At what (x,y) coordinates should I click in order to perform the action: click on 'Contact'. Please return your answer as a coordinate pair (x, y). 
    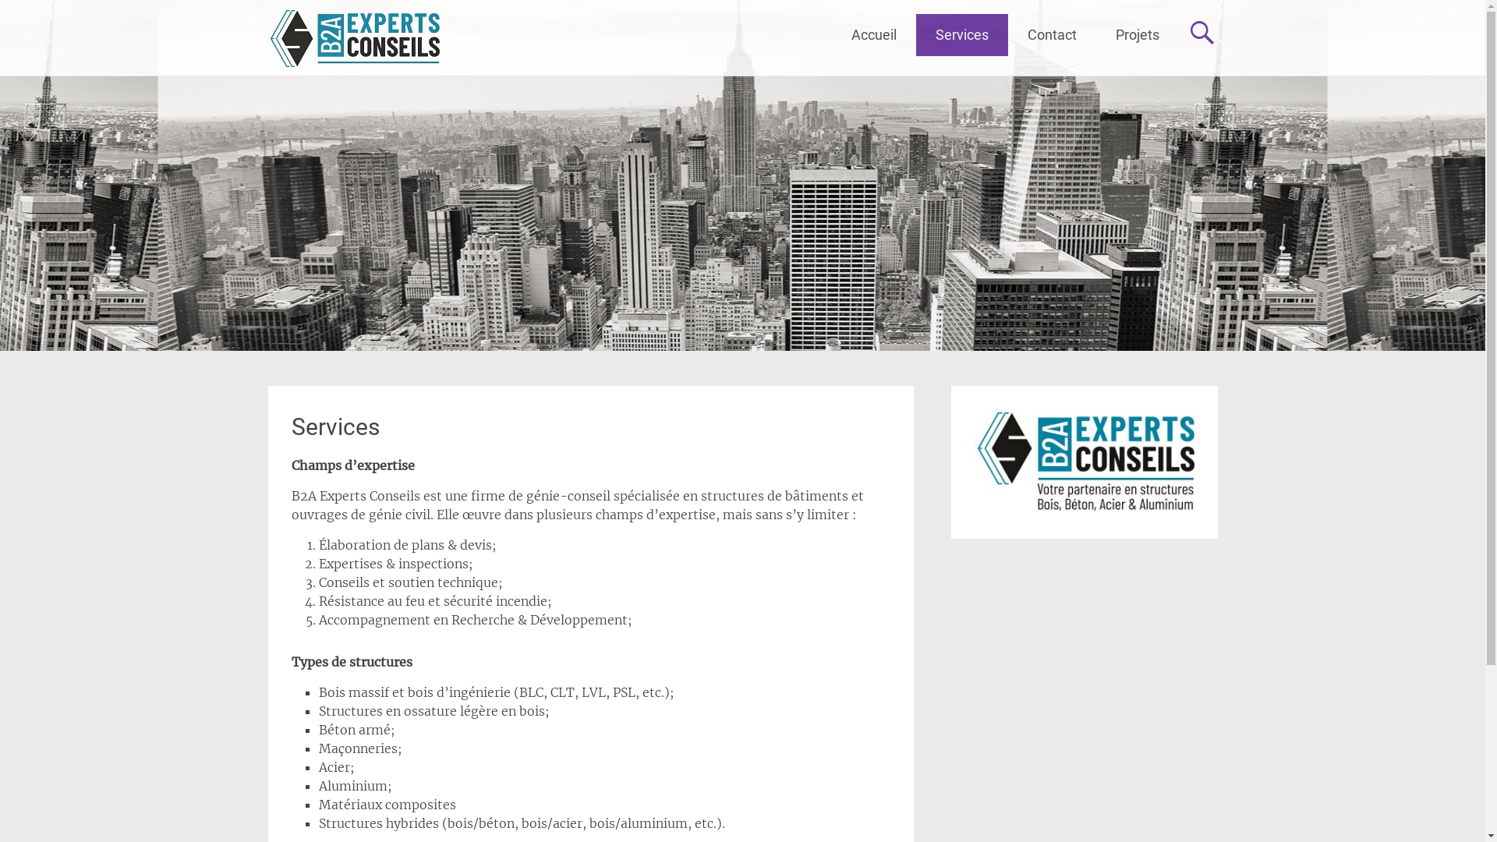
    Looking at the image, I should click on (1051, 35).